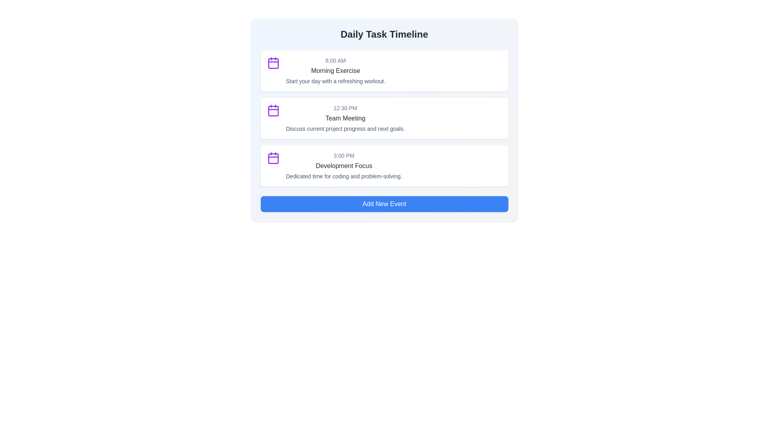  Describe the element at coordinates (344, 166) in the screenshot. I see `the 'Development Focus' informational card in the Daily Task Timeline` at that location.